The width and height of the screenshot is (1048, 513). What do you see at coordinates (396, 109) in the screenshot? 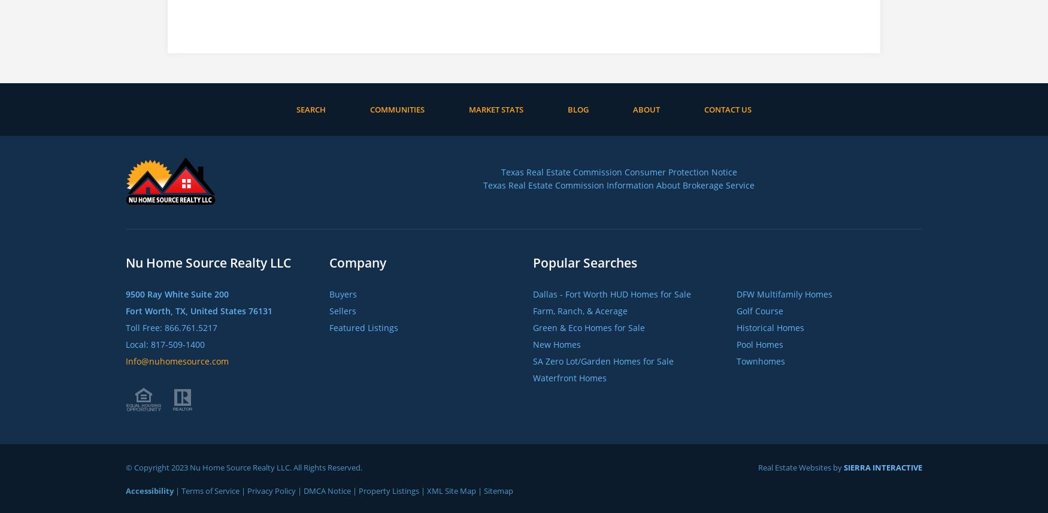
I see `'Communities'` at bounding box center [396, 109].